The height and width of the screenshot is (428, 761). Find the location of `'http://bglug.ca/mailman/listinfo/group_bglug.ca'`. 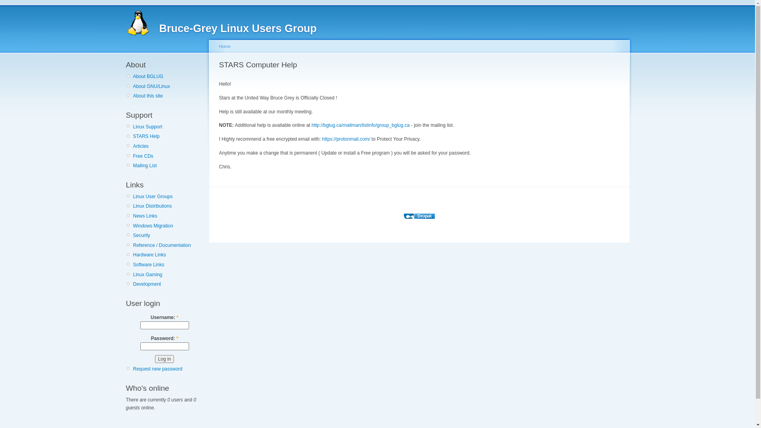

'http://bglug.ca/mailman/listinfo/group_bglug.ca' is located at coordinates (360, 125).